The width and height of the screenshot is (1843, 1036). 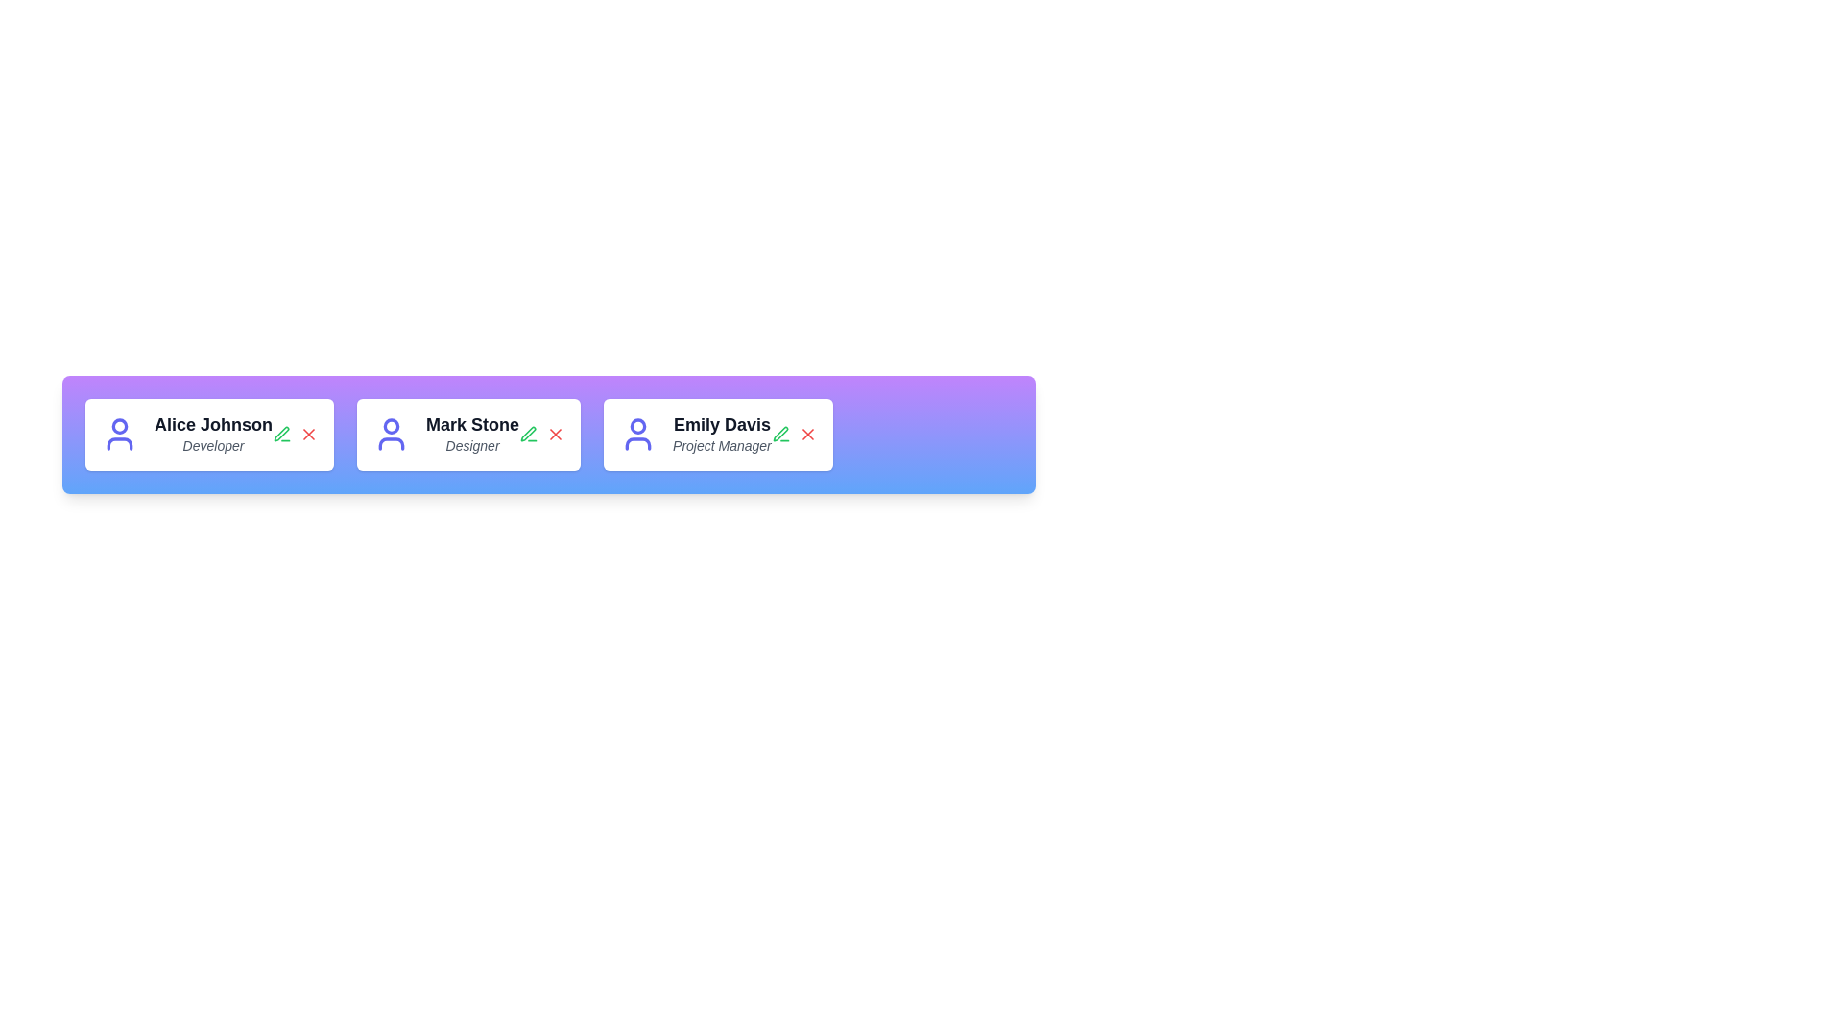 I want to click on the profile card of Mark Stone to trigger visual feedback, so click(x=468, y=434).